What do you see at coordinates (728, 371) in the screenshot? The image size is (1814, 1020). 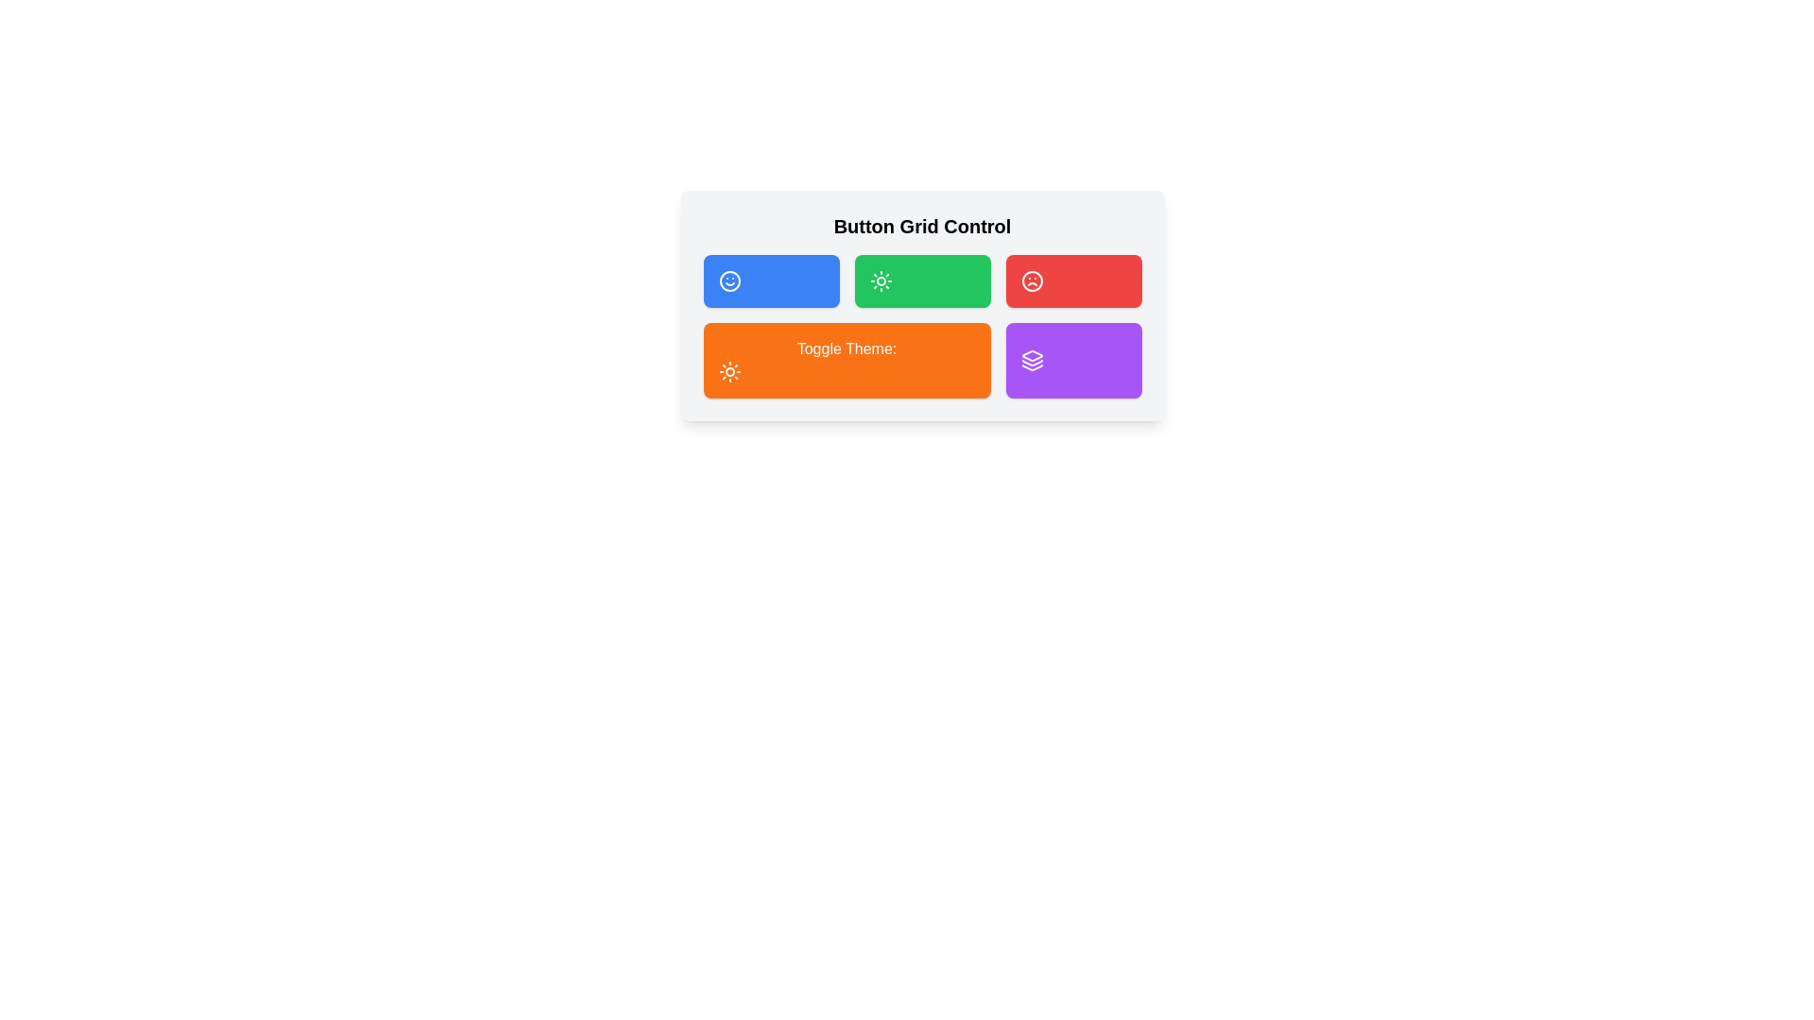 I see `the theme toggle icon located on the left side of the 'Toggle Theme:' button in the bottom left area of the control grid` at bounding box center [728, 371].